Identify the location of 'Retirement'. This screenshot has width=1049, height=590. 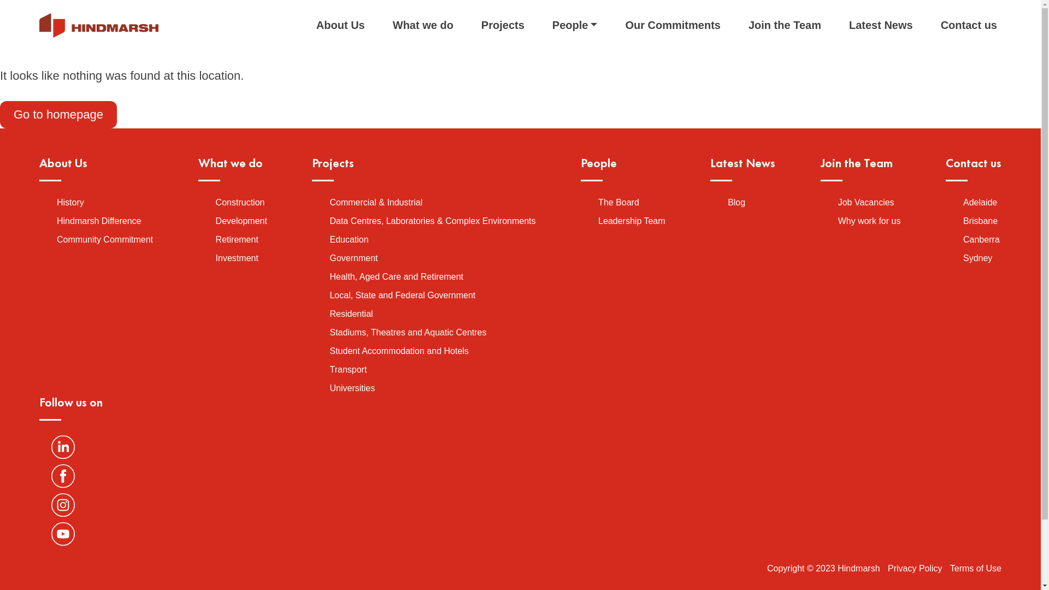
(236, 239).